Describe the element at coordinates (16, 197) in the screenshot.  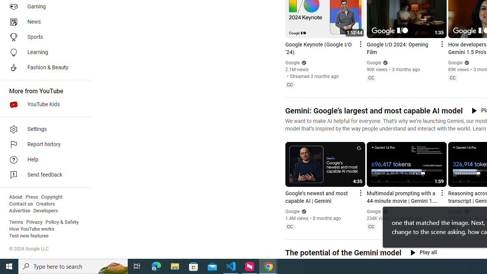
I see `'About'` at that location.